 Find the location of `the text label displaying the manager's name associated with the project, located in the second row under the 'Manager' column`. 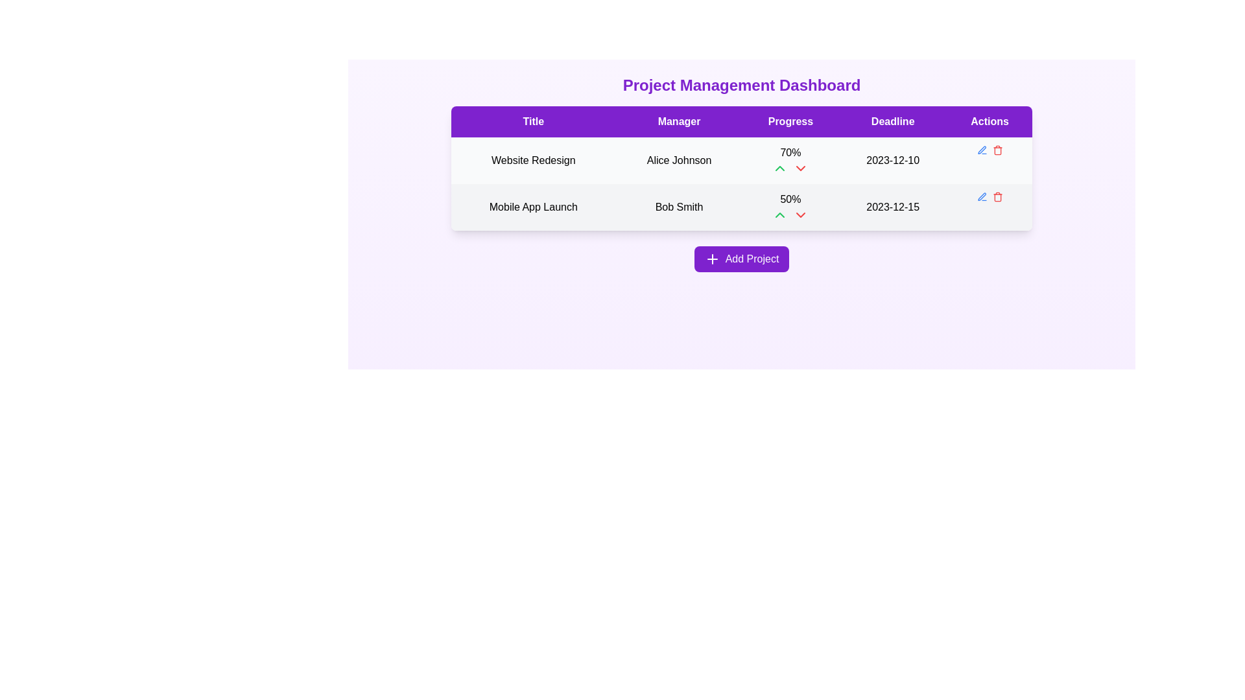

the text label displaying the manager's name associated with the project, located in the second row under the 'Manager' column is located at coordinates (678, 207).